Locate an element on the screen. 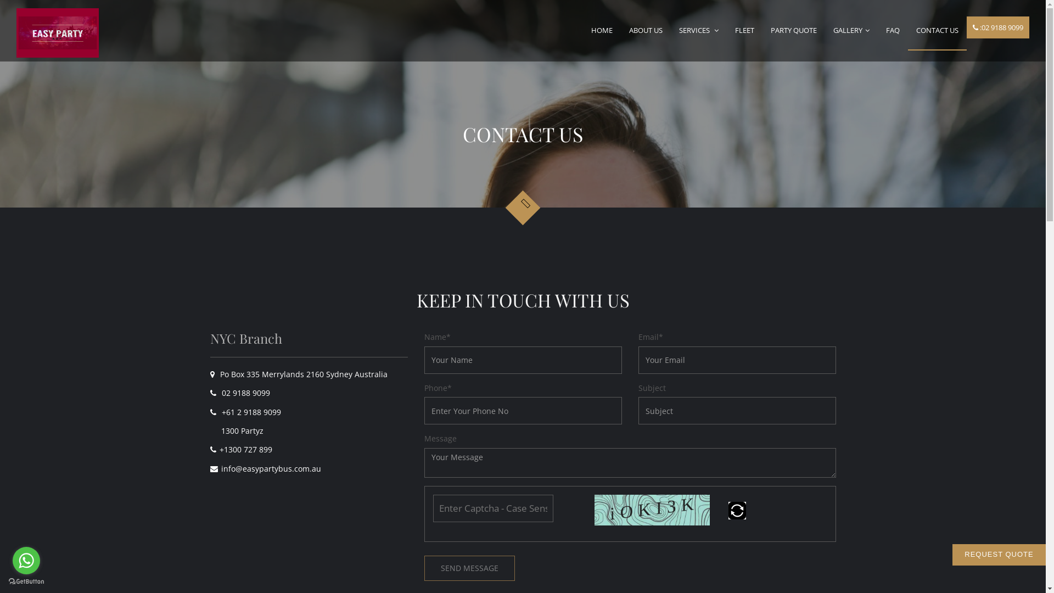  '+1300 727 899' is located at coordinates (247, 449).